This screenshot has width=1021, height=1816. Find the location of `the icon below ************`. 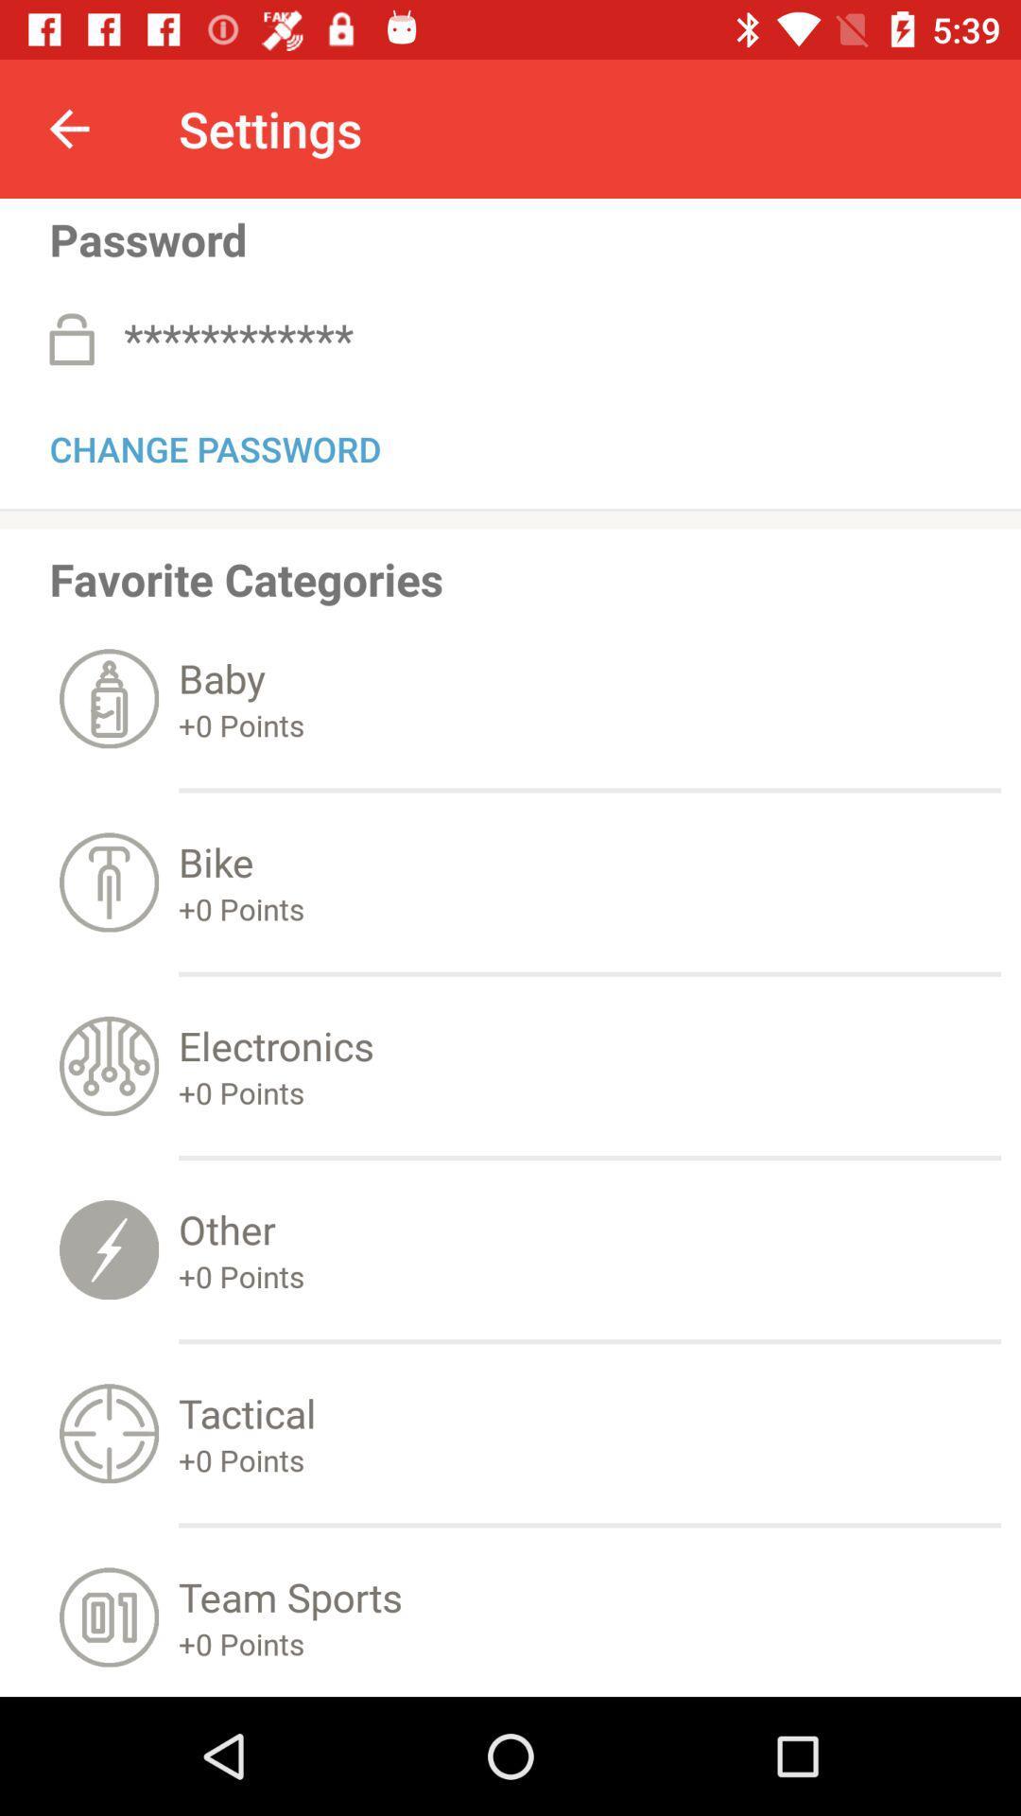

the icon below ************ is located at coordinates (214, 445).